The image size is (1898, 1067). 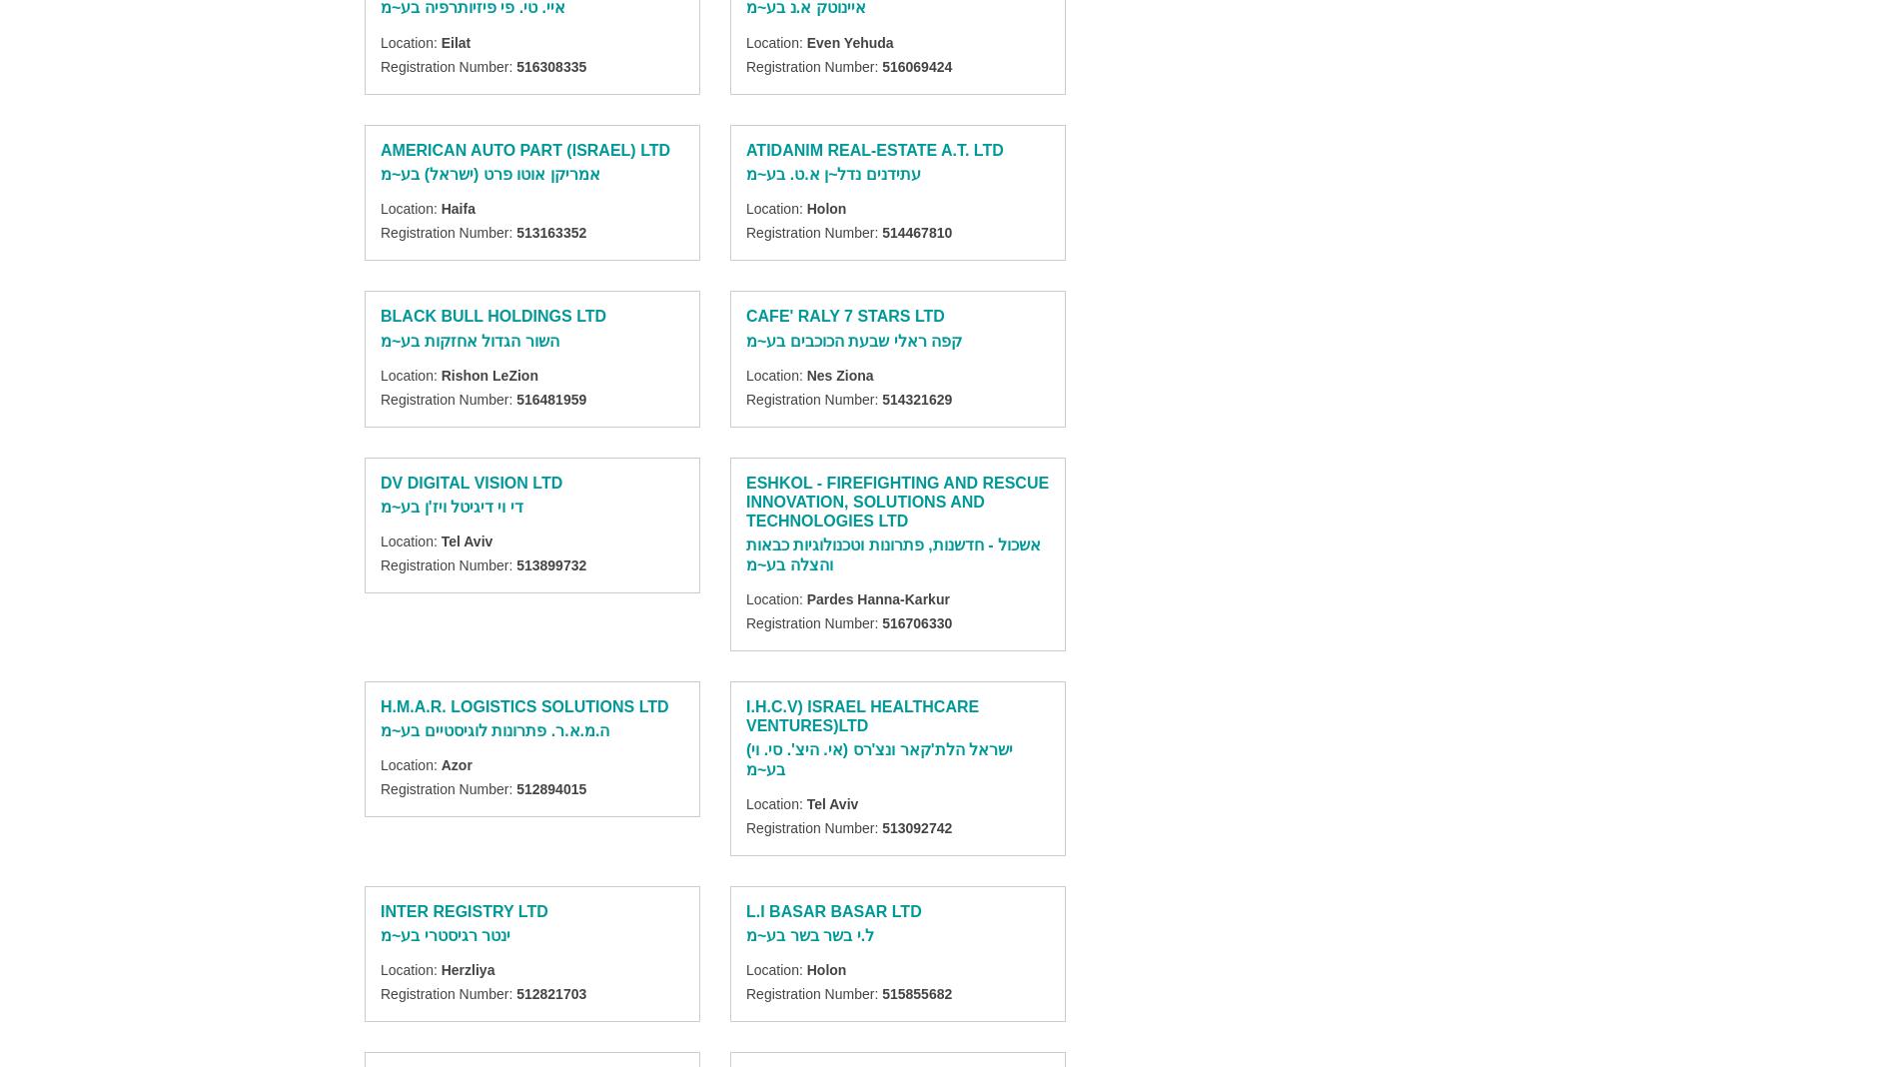 What do you see at coordinates (550, 233) in the screenshot?
I see `'513163352'` at bounding box center [550, 233].